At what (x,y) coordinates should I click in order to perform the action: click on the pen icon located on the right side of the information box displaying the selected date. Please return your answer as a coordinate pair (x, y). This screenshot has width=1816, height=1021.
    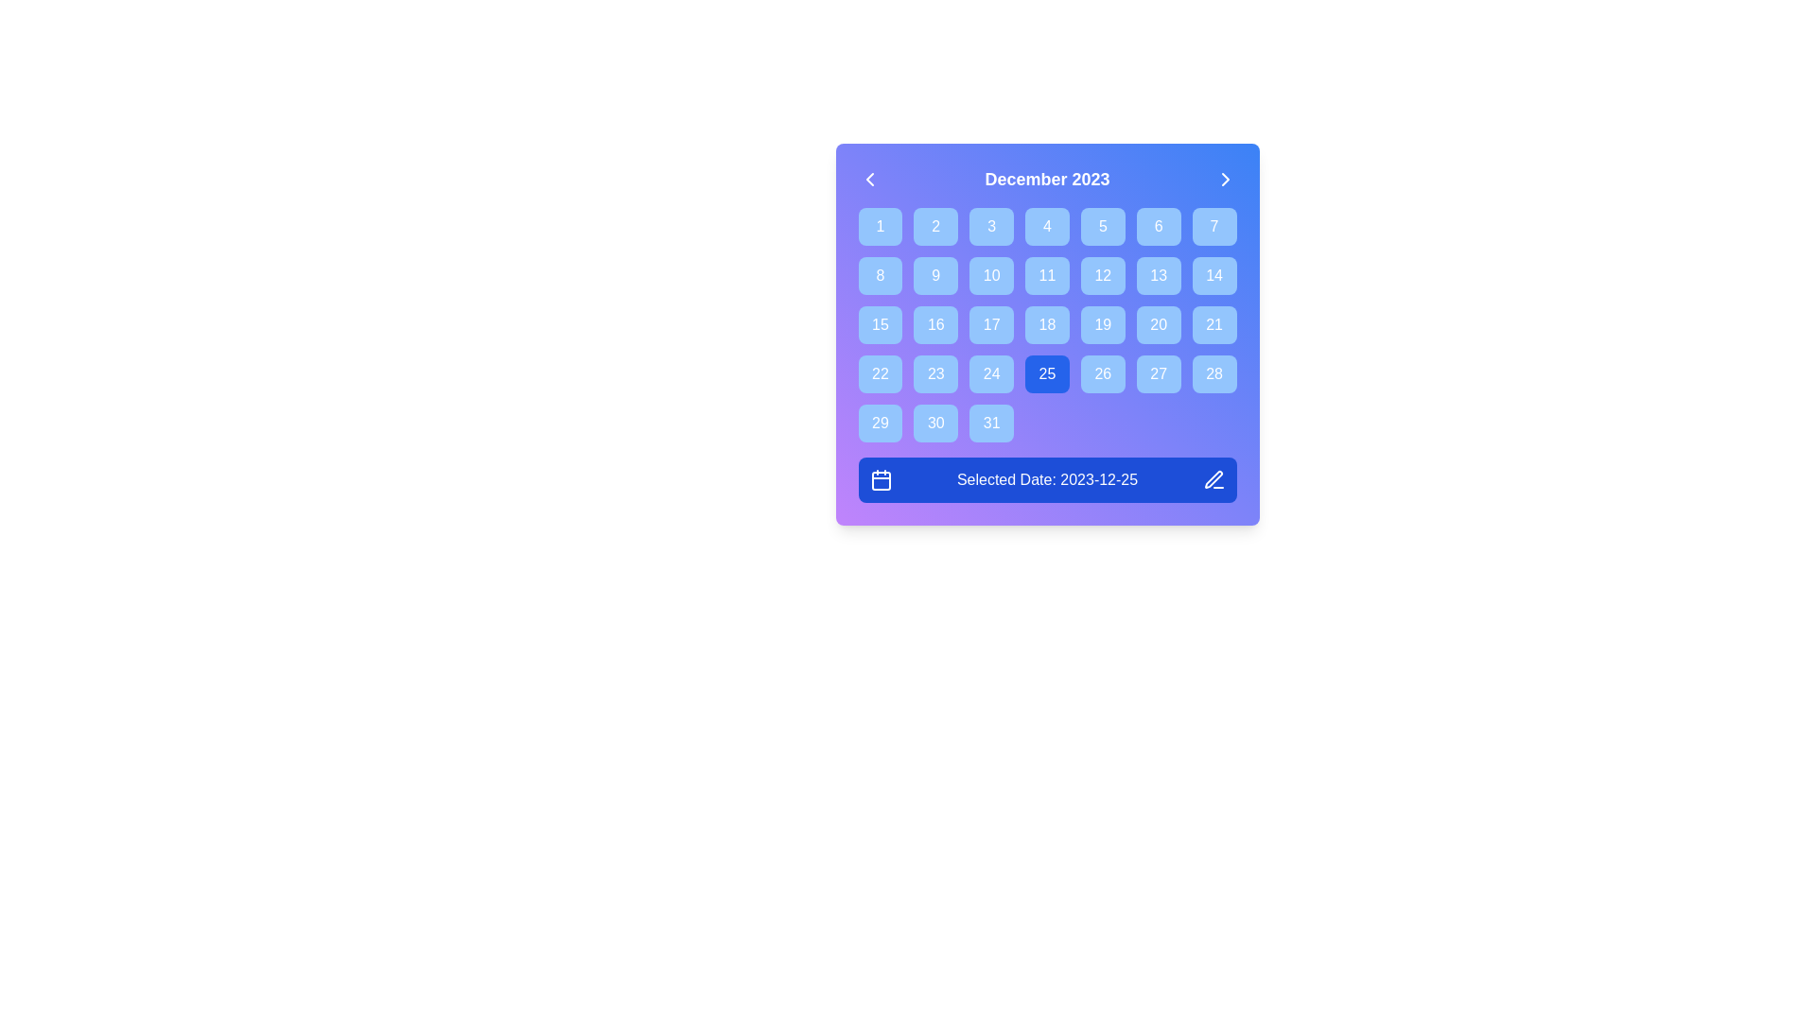
    Looking at the image, I should click on (1214, 479).